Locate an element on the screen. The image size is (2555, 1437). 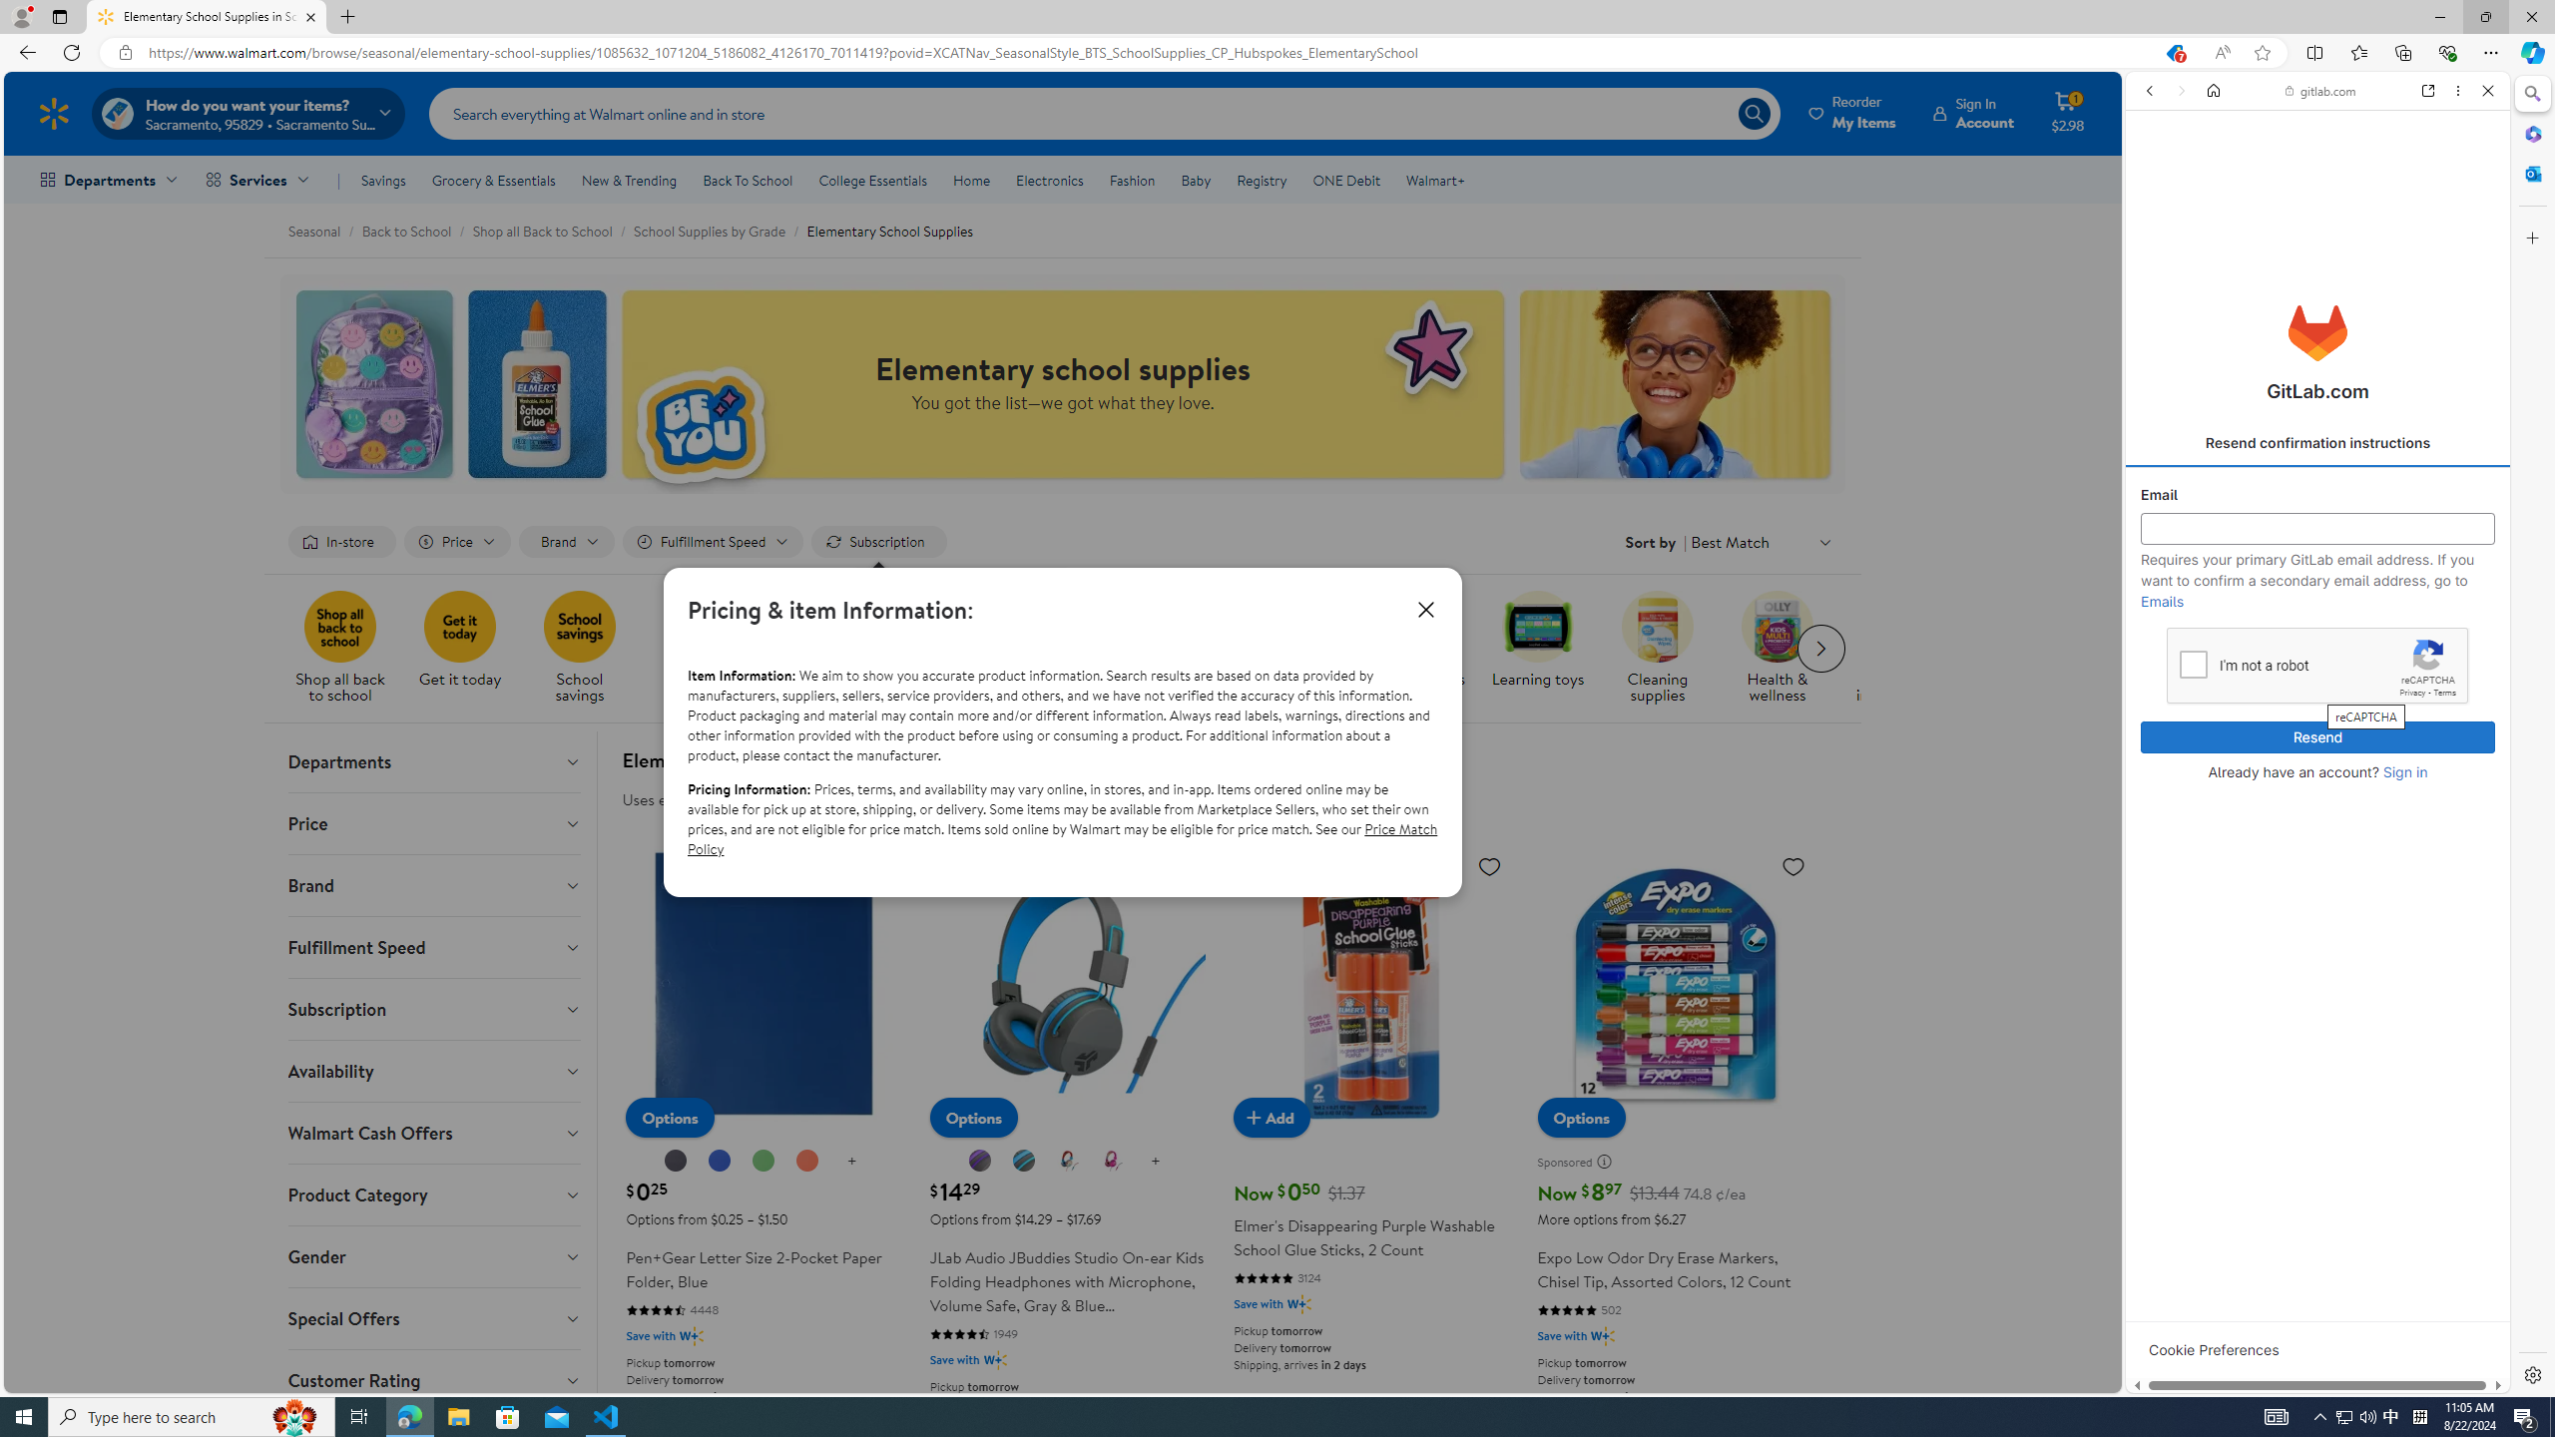
'SEARCH TOOLS' is located at coordinates (2364, 229).